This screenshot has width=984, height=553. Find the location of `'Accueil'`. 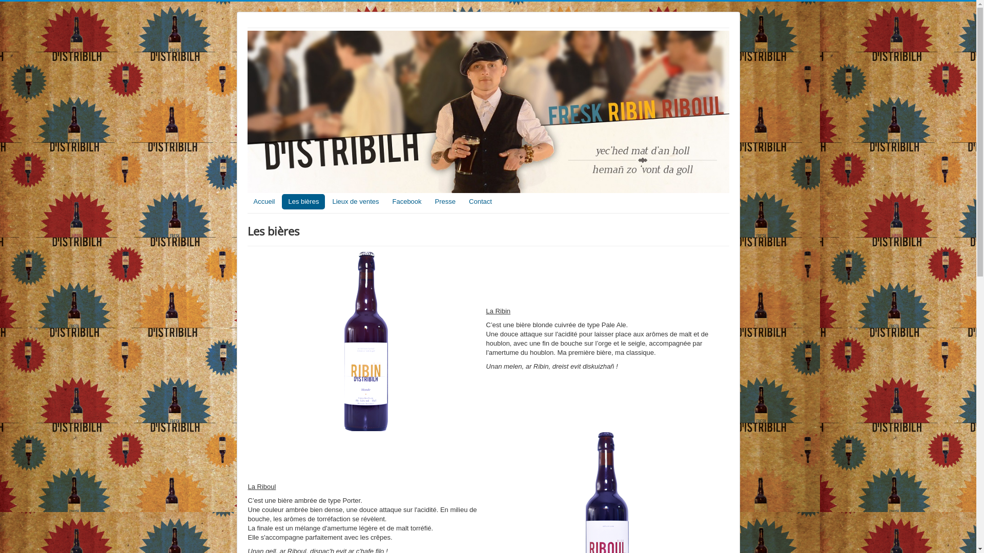

'Accueil' is located at coordinates (263, 201).